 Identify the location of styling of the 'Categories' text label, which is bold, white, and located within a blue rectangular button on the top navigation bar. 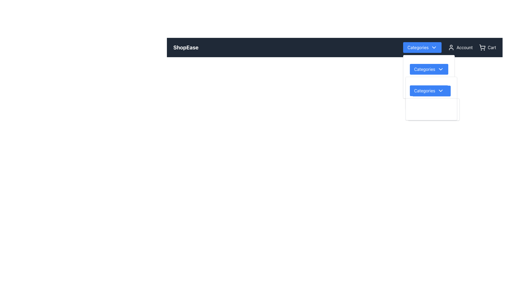
(418, 47).